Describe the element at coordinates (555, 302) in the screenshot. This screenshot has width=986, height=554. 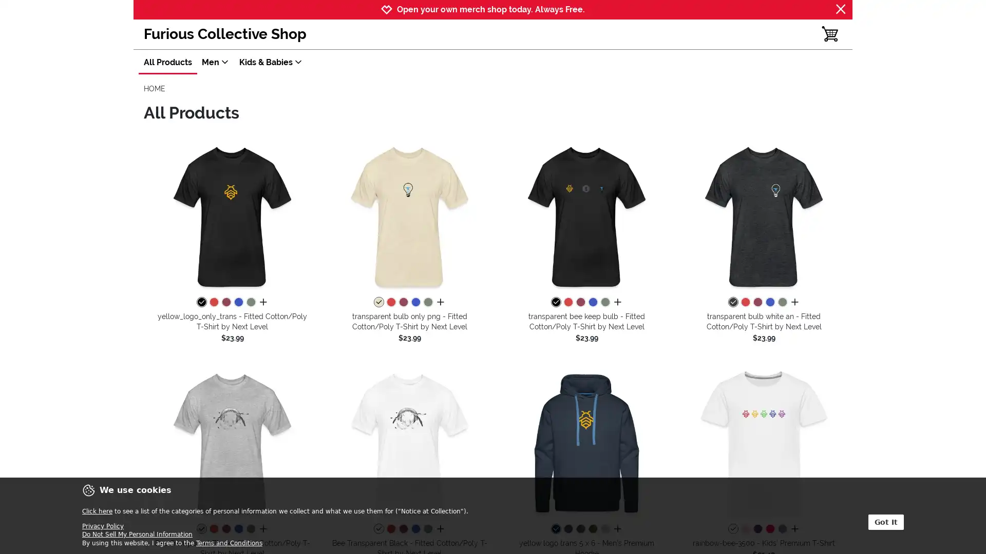
I see `black` at that location.